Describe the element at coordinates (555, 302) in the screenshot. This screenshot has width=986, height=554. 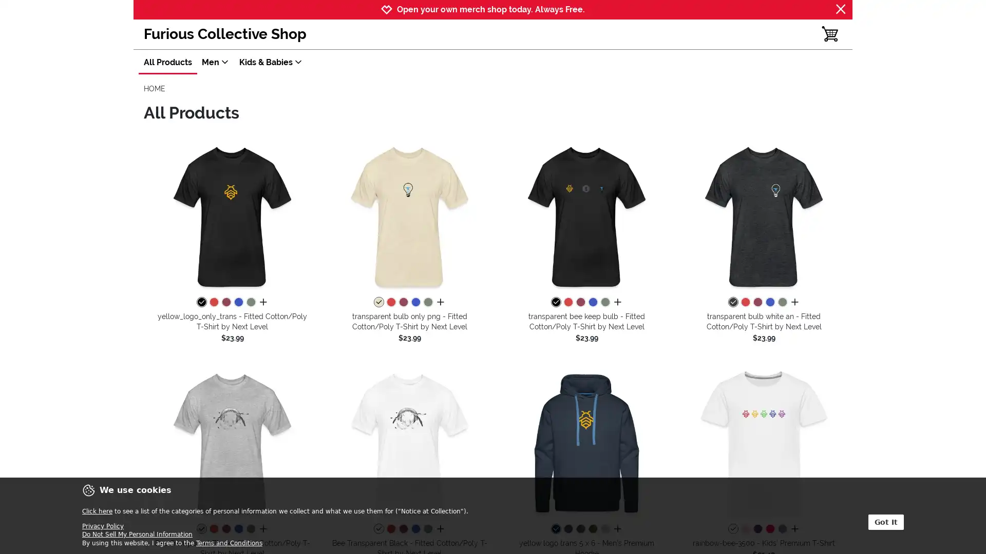
I see `black` at that location.